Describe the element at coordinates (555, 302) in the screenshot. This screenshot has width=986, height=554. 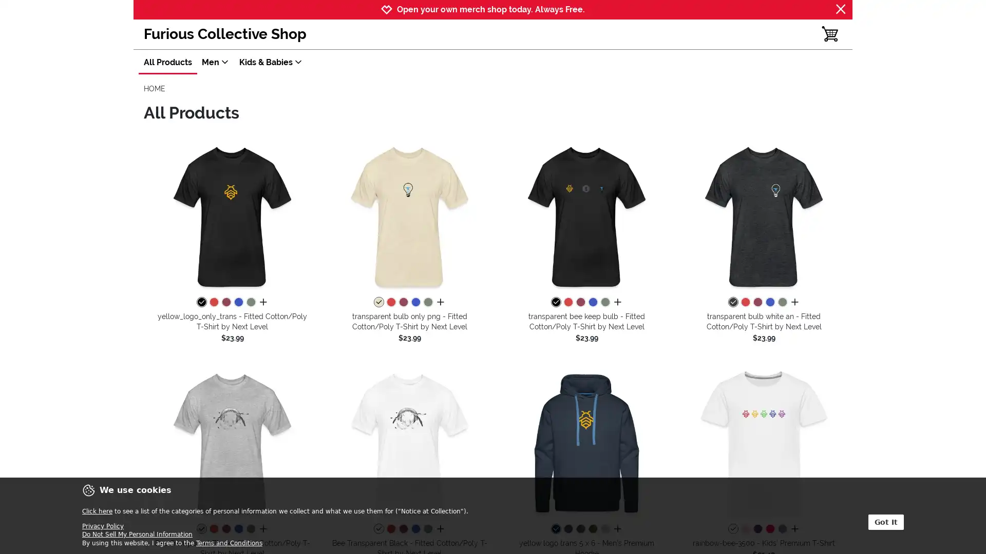
I see `black` at that location.